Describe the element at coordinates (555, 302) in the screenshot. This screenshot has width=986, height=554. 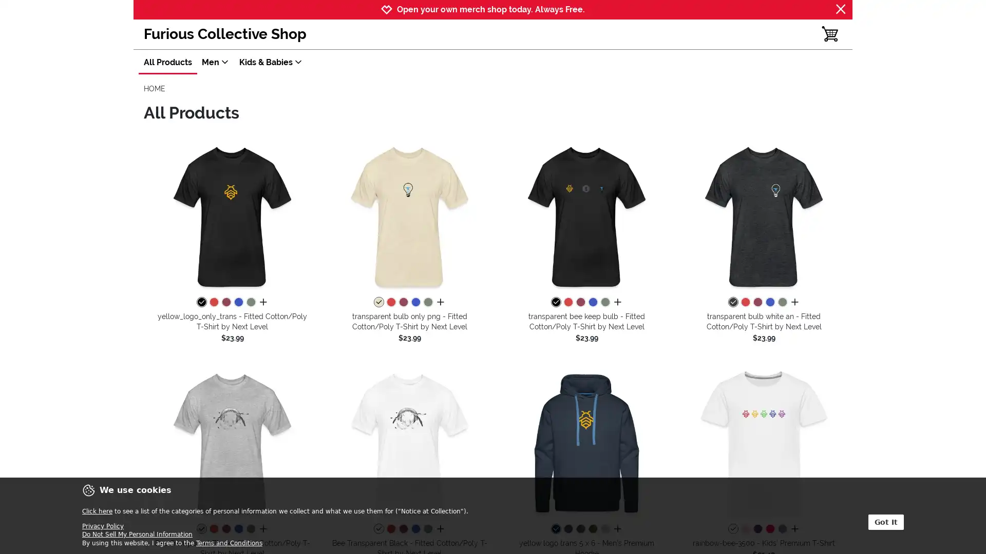
I see `black` at that location.